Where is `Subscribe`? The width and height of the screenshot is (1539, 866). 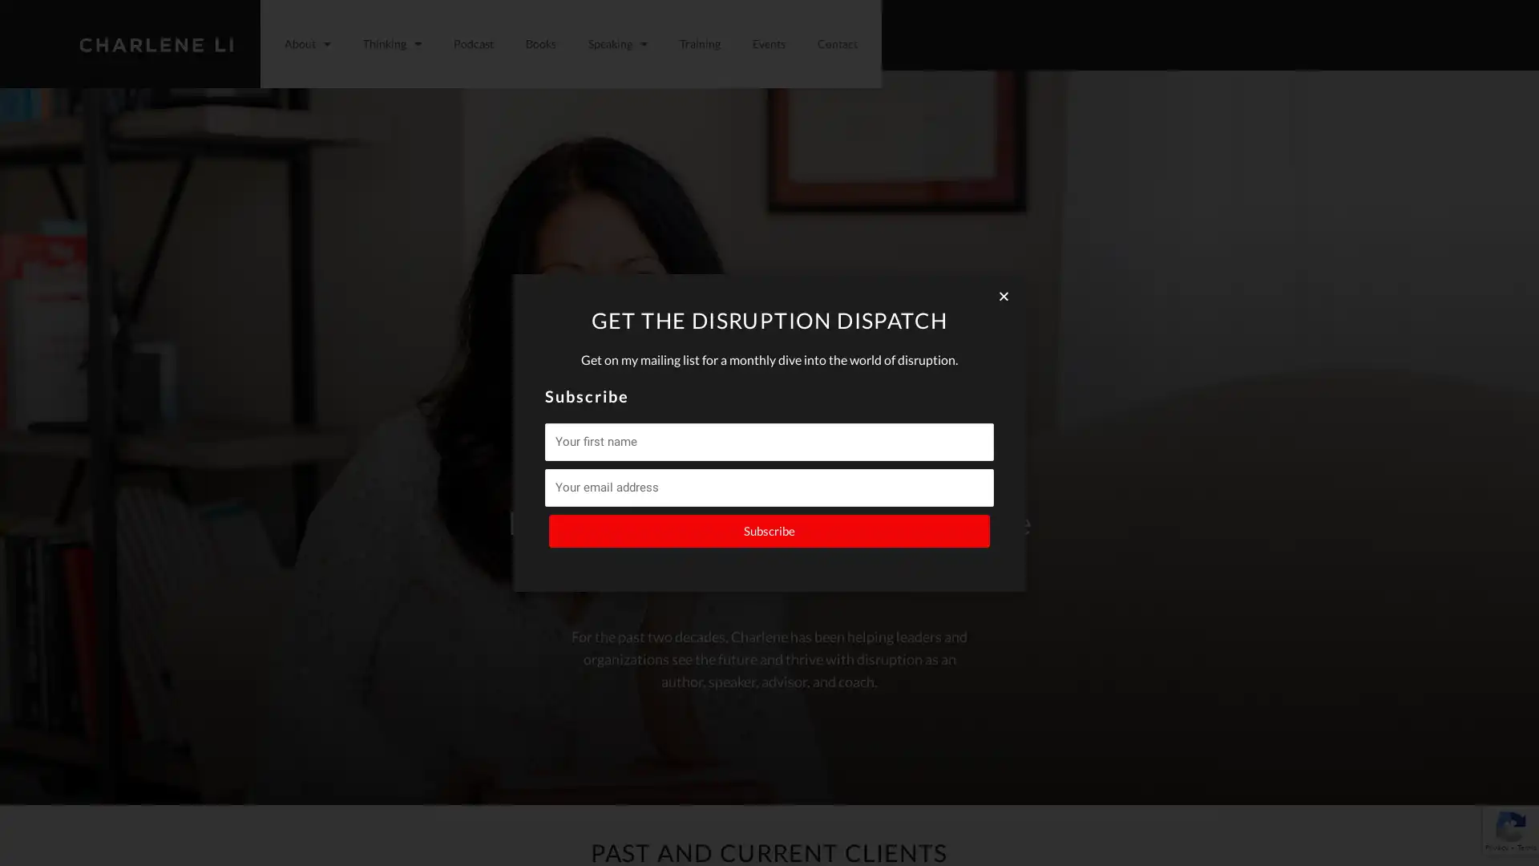 Subscribe is located at coordinates (769, 531).